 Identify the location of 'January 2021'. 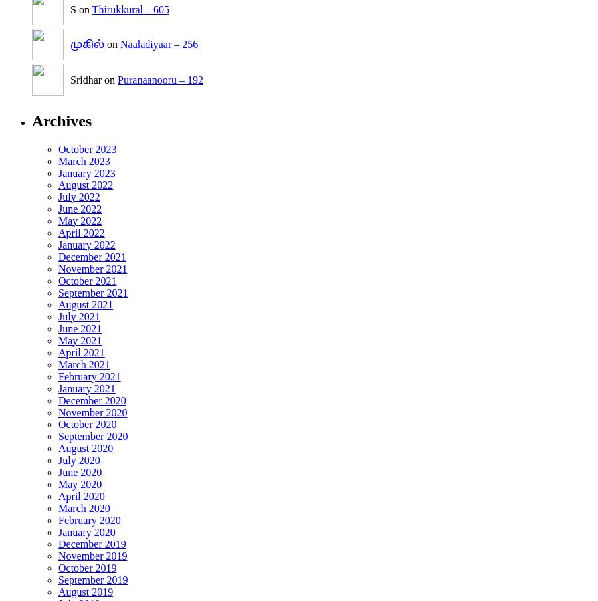
(58, 387).